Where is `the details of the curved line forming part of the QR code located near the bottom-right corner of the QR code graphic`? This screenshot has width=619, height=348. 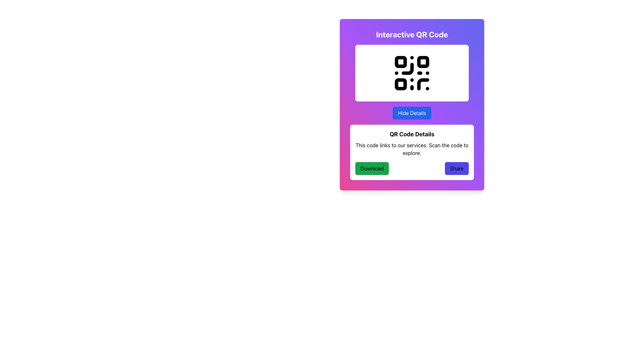 the details of the curved line forming part of the QR code located near the bottom-right corner of the QR code graphic is located at coordinates (423, 84).